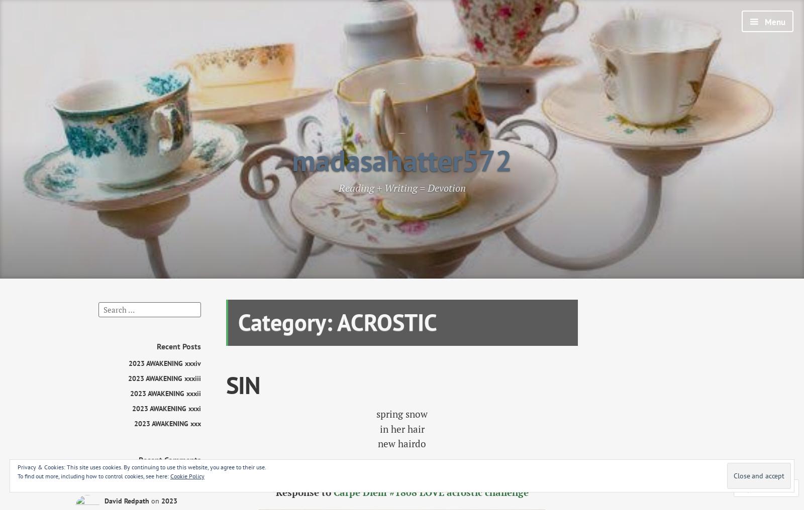  I want to click on 'To find out more, including how to control cookies, see here:', so click(93, 475).